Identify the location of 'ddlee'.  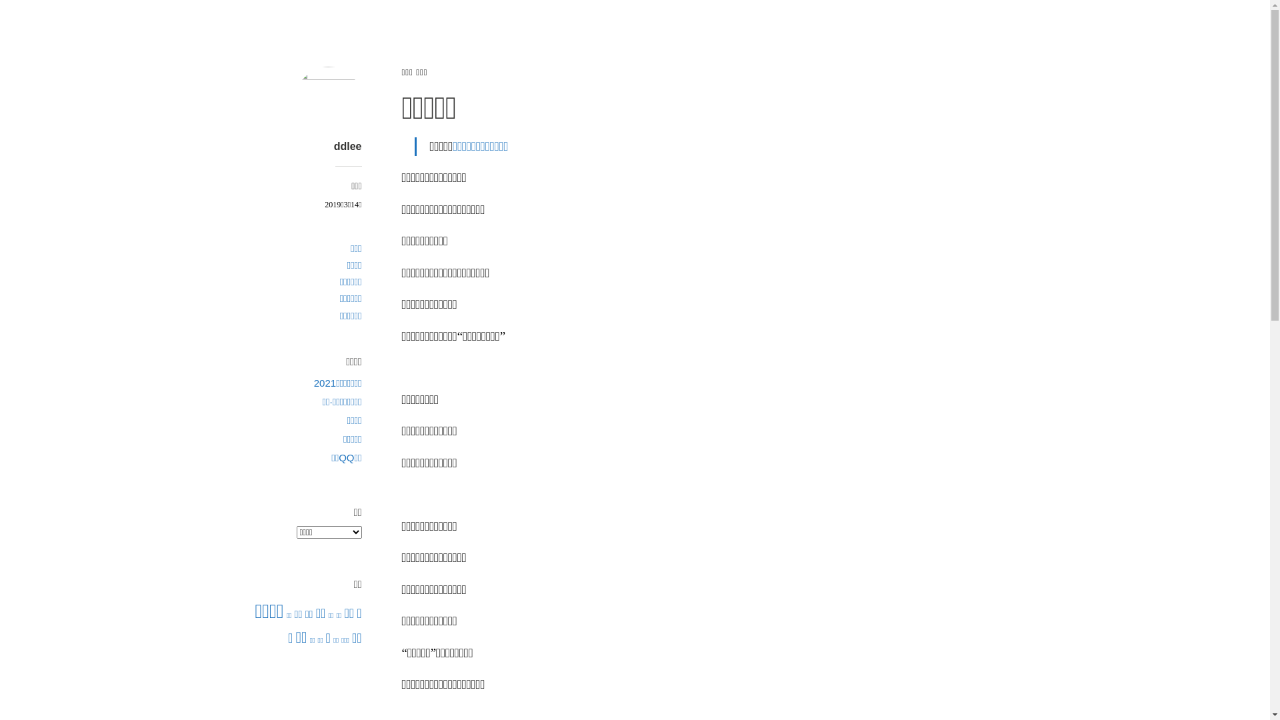
(348, 146).